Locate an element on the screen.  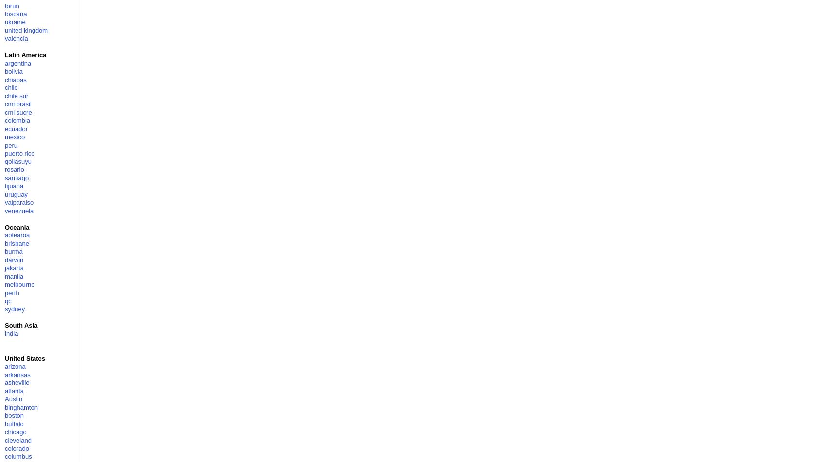
'Austin' is located at coordinates (13, 399).